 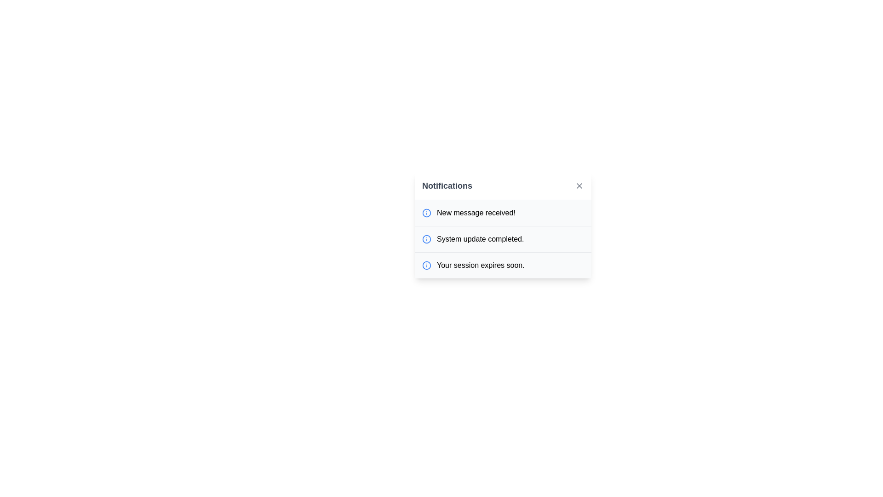 I want to click on notification text 'Your session expires soon.' located in the bottom row of the notifications list, third item from the top, so click(x=480, y=266).